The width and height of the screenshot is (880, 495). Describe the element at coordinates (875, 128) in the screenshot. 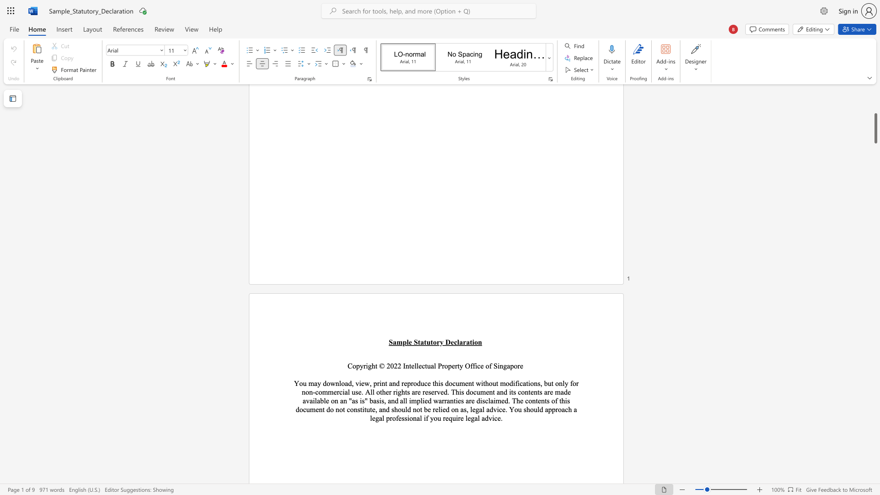

I see `the scrollbar and move down 7360 pixels` at that location.